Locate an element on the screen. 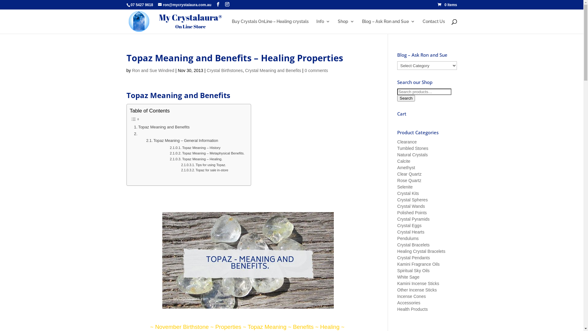 This screenshot has height=331, width=588. 'Clear Quartz' is located at coordinates (409, 174).